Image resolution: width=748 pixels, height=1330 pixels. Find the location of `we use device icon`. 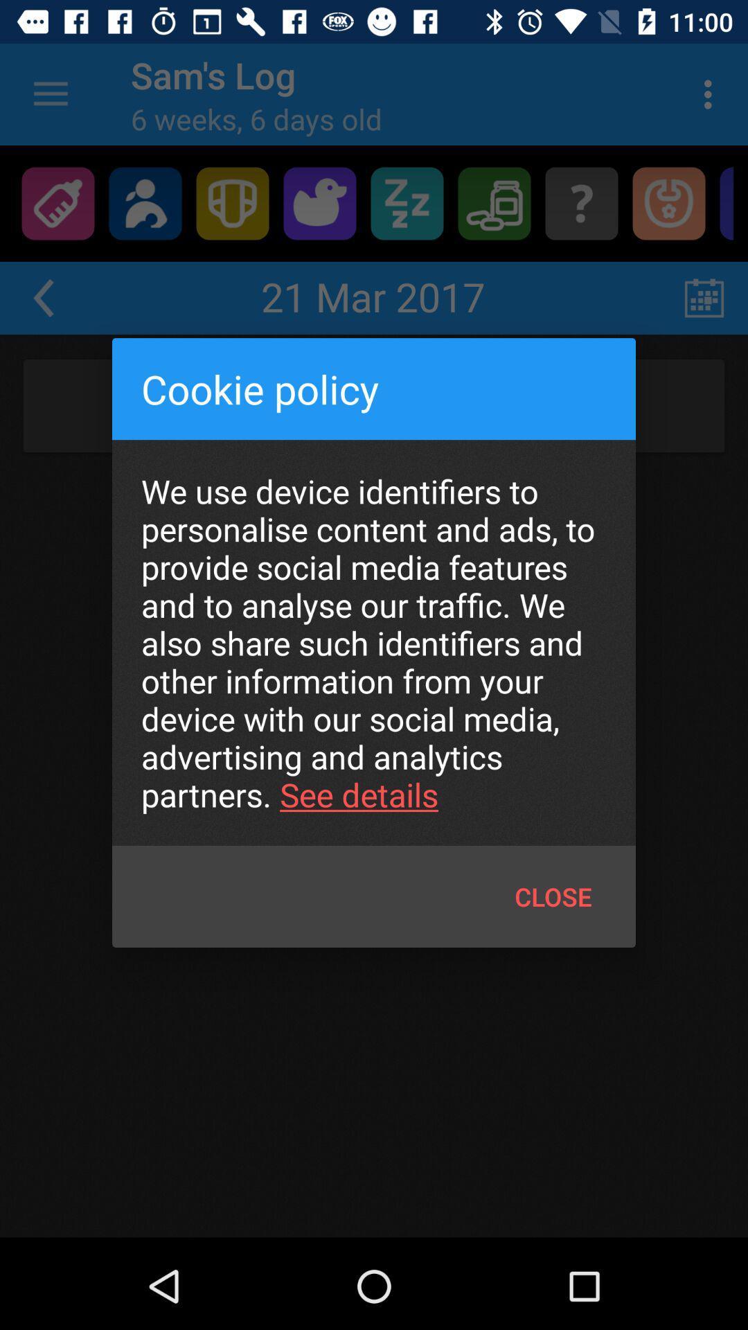

we use device icon is located at coordinates (374, 642).